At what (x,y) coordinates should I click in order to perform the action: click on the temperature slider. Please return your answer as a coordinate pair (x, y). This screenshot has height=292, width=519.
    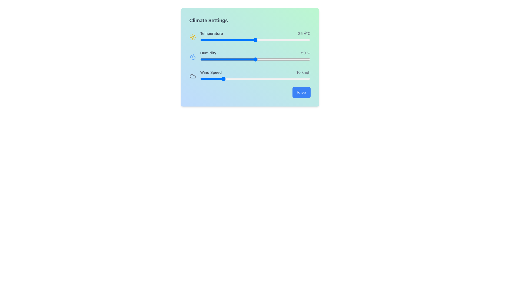
    Looking at the image, I should click on (262, 39).